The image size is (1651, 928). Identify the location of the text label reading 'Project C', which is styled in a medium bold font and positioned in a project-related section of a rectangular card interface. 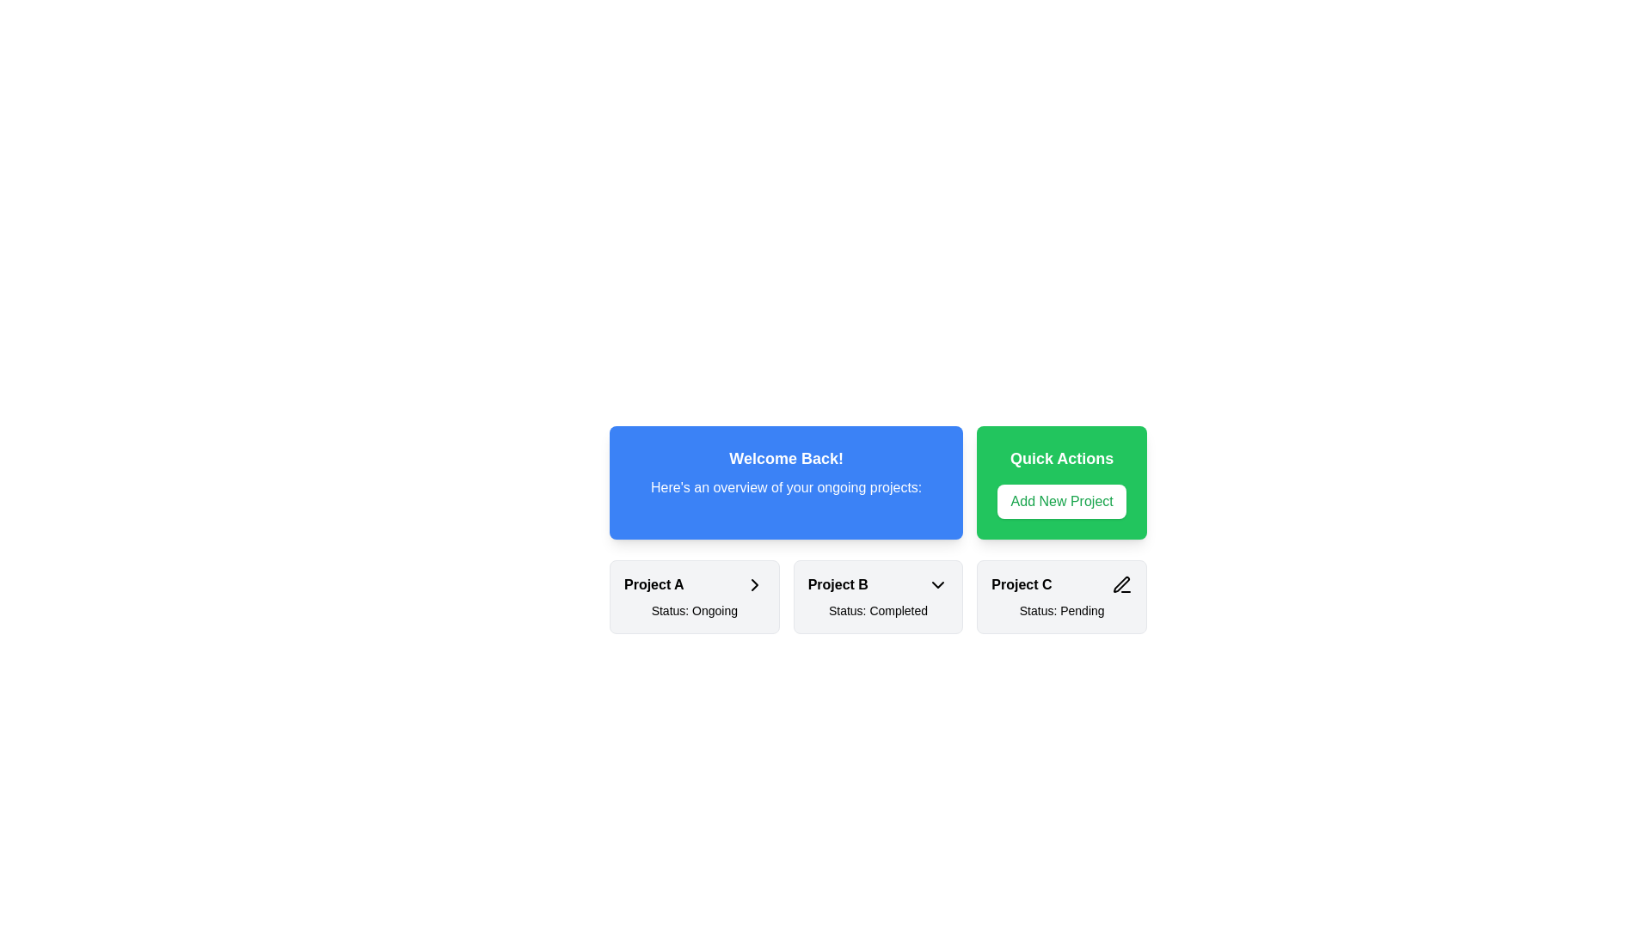
(1022, 584).